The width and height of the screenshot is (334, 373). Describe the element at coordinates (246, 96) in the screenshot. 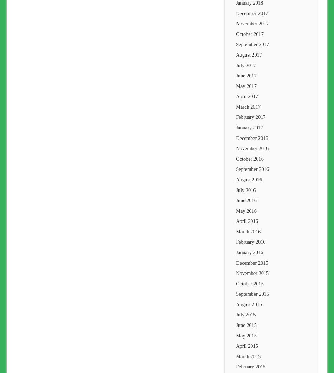

I see `'April 2017'` at that location.